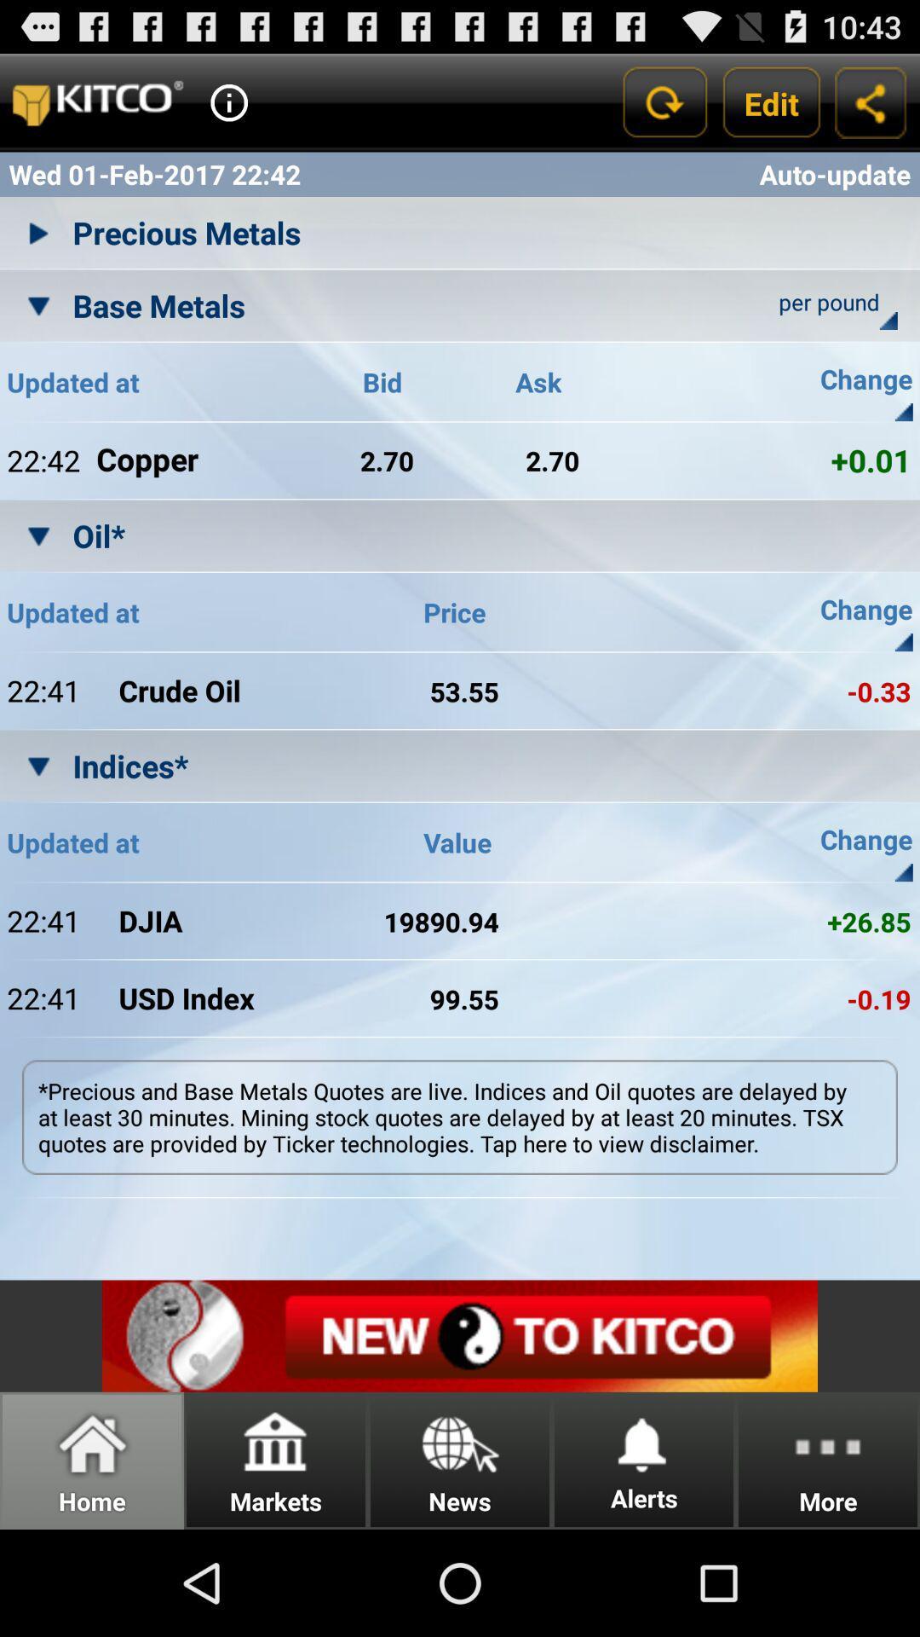 The width and height of the screenshot is (920, 1637). What do you see at coordinates (38, 305) in the screenshot?
I see `the down arrow left to base metals` at bounding box center [38, 305].